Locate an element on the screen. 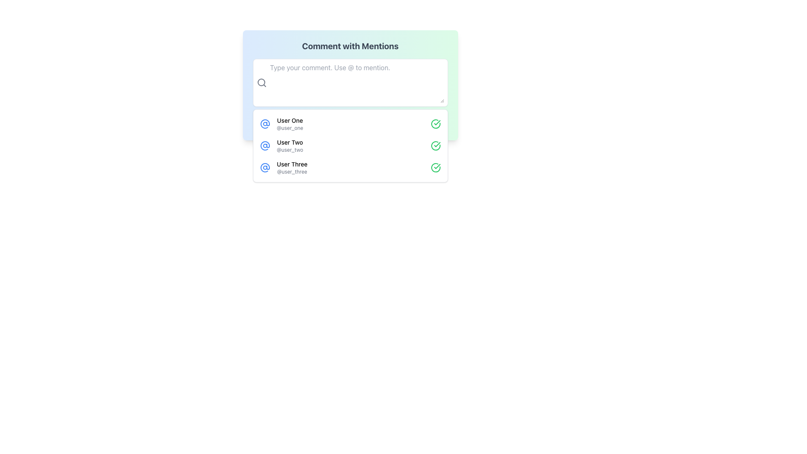 Image resolution: width=807 pixels, height=454 pixels. to select the user mention suggestion displaying 'User Three' with the handle '@user_three', the third entry in the list of user mentions is located at coordinates (292, 167).